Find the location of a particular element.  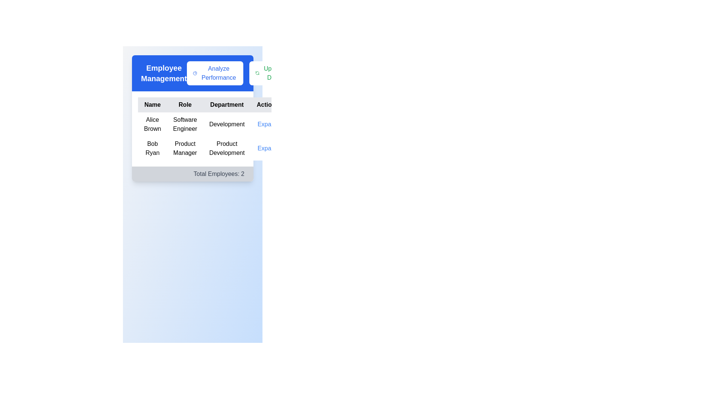

the rows of the table located in the 'Employee Management' section is located at coordinates (193, 129).